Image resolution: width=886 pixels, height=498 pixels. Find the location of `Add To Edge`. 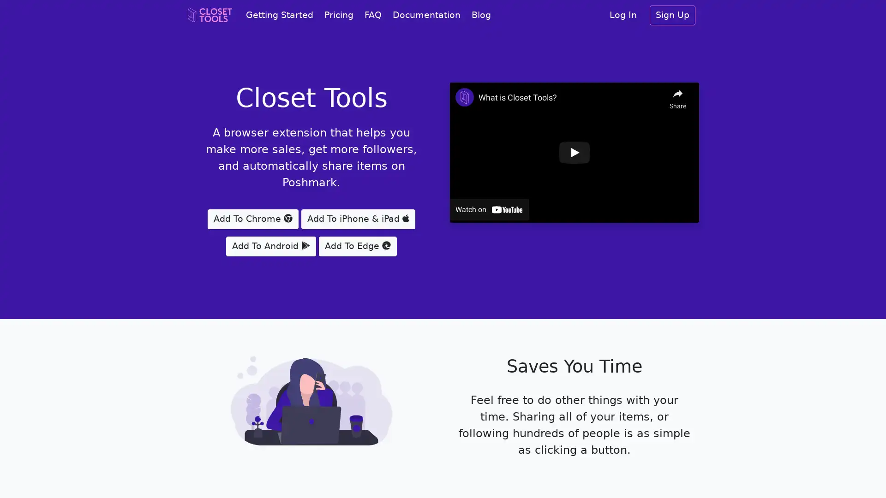

Add To Edge is located at coordinates (357, 245).